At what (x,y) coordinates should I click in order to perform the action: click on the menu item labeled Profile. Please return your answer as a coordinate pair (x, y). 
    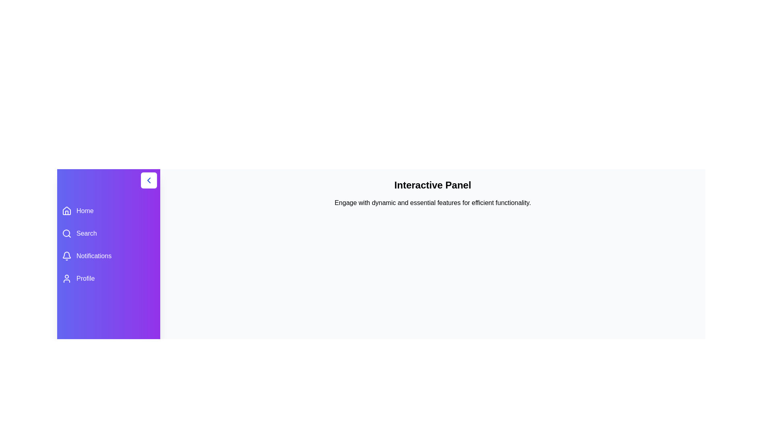
    Looking at the image, I should click on (108, 278).